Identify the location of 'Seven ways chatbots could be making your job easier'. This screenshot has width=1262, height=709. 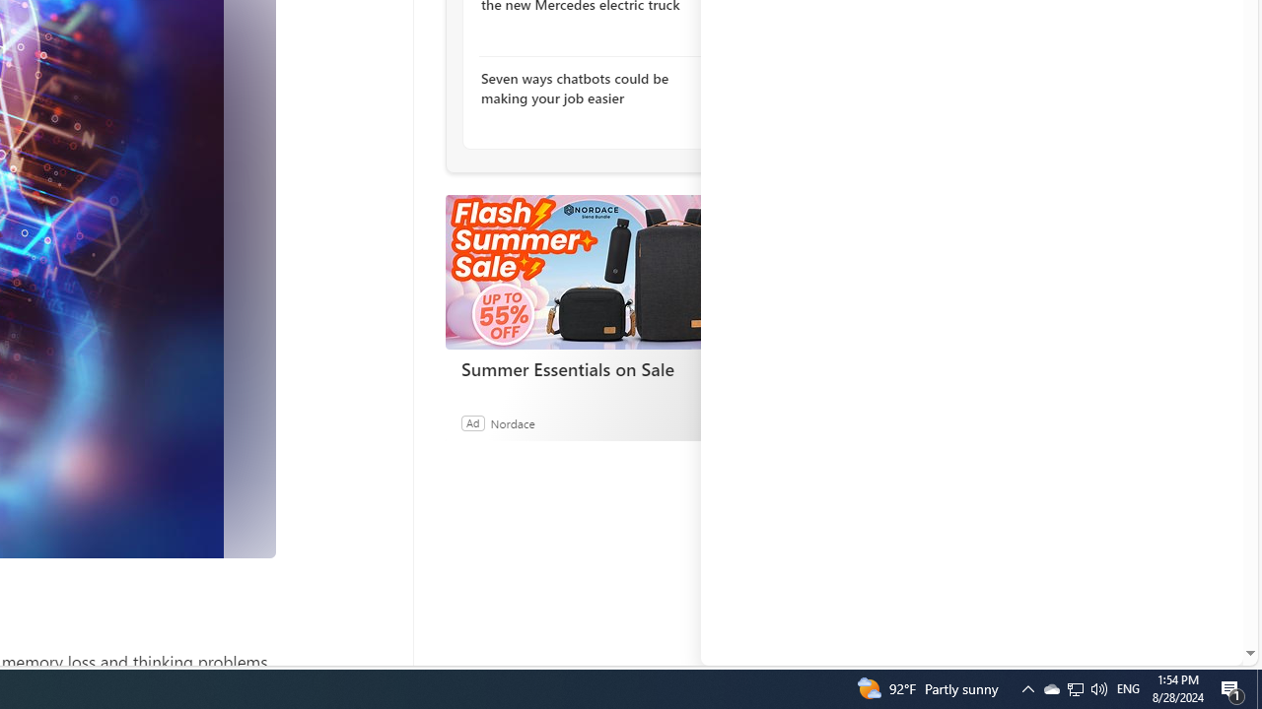
(587, 87).